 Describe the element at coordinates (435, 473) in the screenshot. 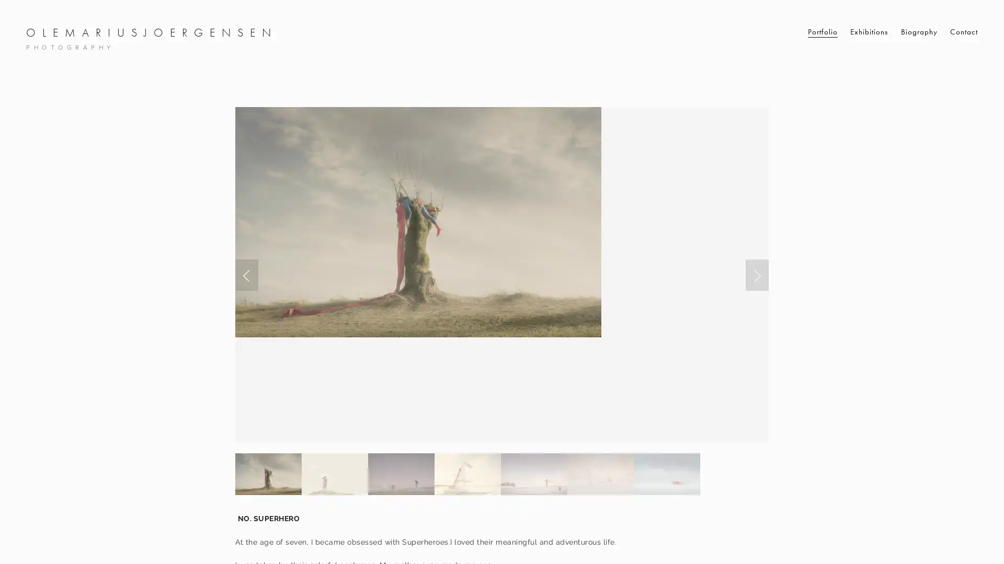

I see `Slide 3` at that location.